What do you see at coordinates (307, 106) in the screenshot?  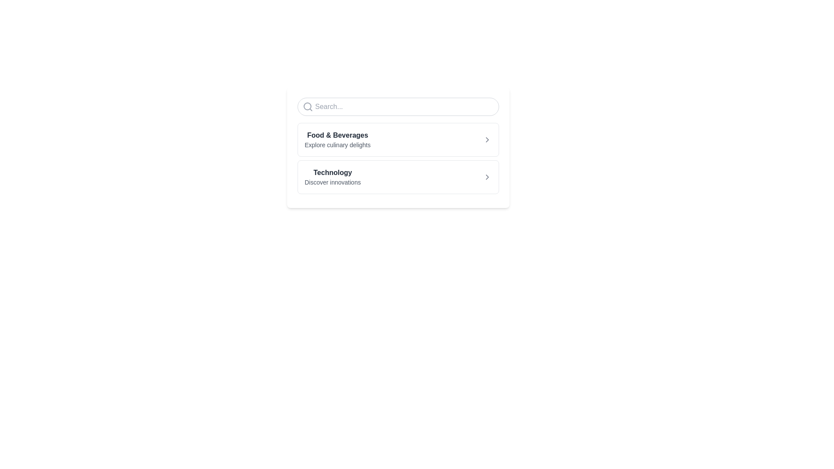 I see `the circular outline of the magnifying glass icon, which represents a search function, positioned to the left of the search bar` at bounding box center [307, 106].